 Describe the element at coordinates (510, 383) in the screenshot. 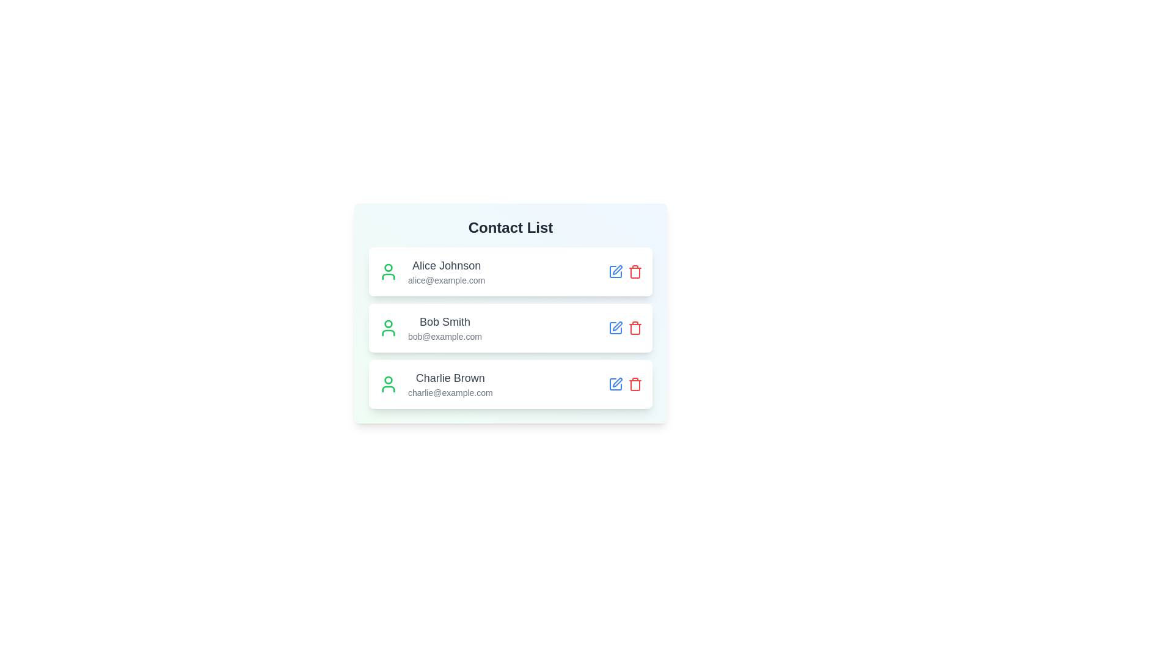

I see `the contact item corresponding to Charlie Brown` at that location.